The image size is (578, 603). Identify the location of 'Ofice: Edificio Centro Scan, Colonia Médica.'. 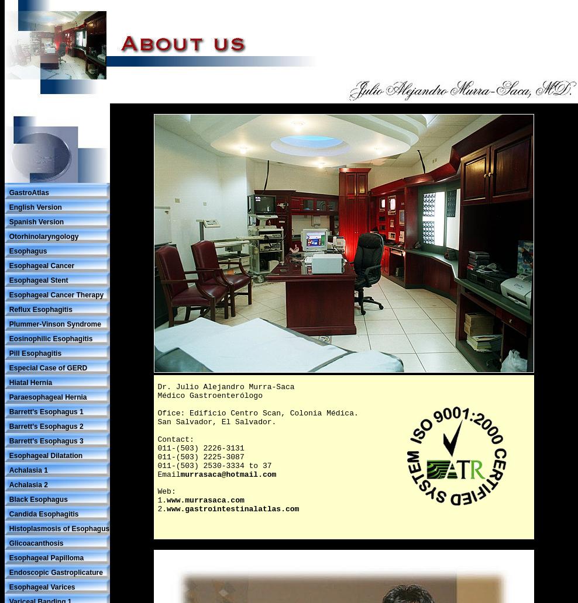
(257, 413).